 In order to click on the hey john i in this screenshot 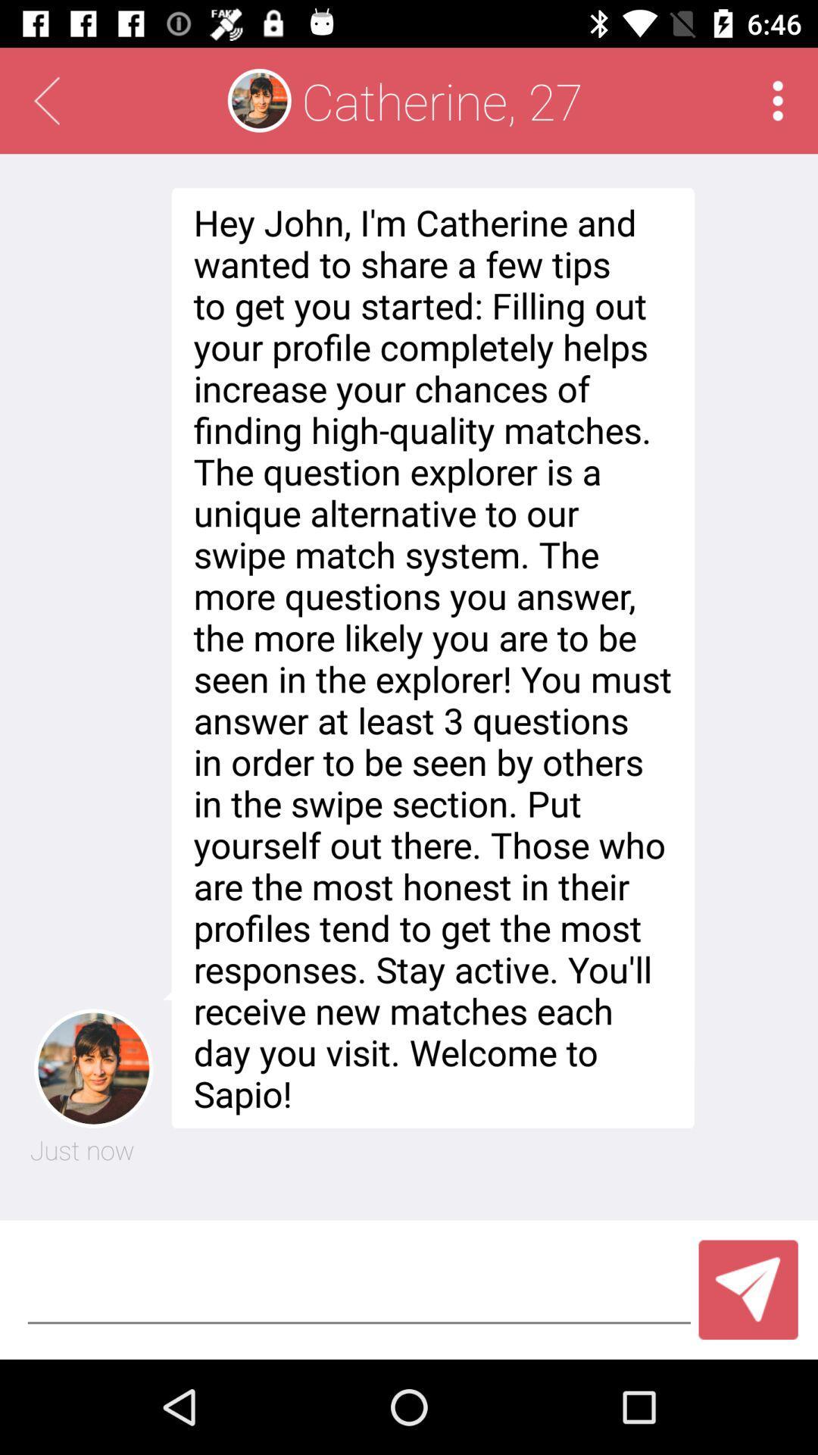, I will do `click(429, 658)`.